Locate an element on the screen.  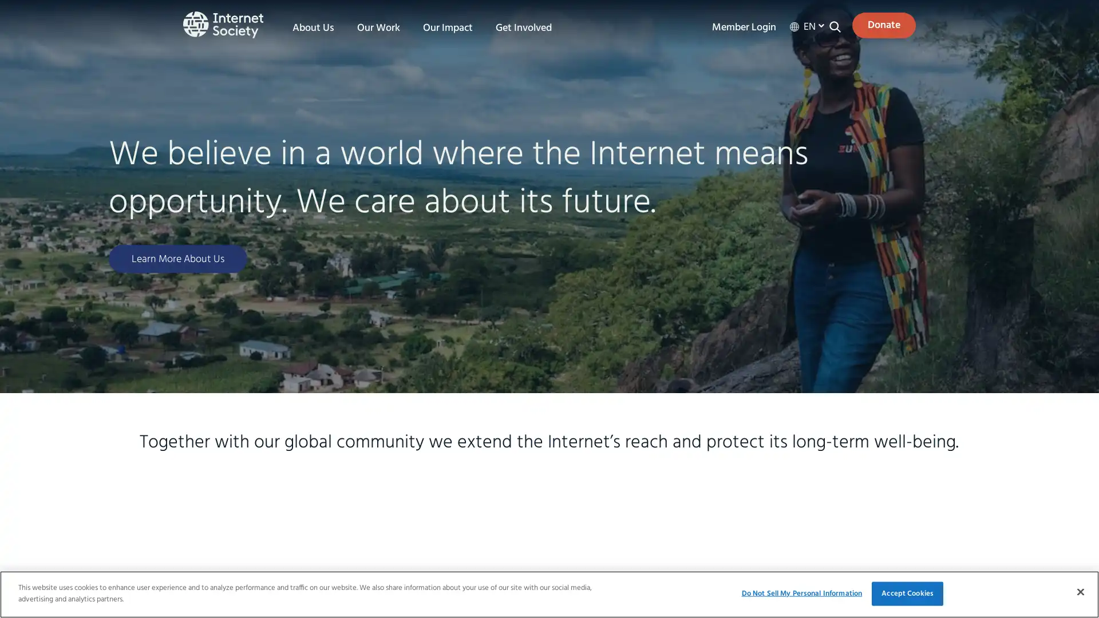
Accept Cookies is located at coordinates (907, 593).